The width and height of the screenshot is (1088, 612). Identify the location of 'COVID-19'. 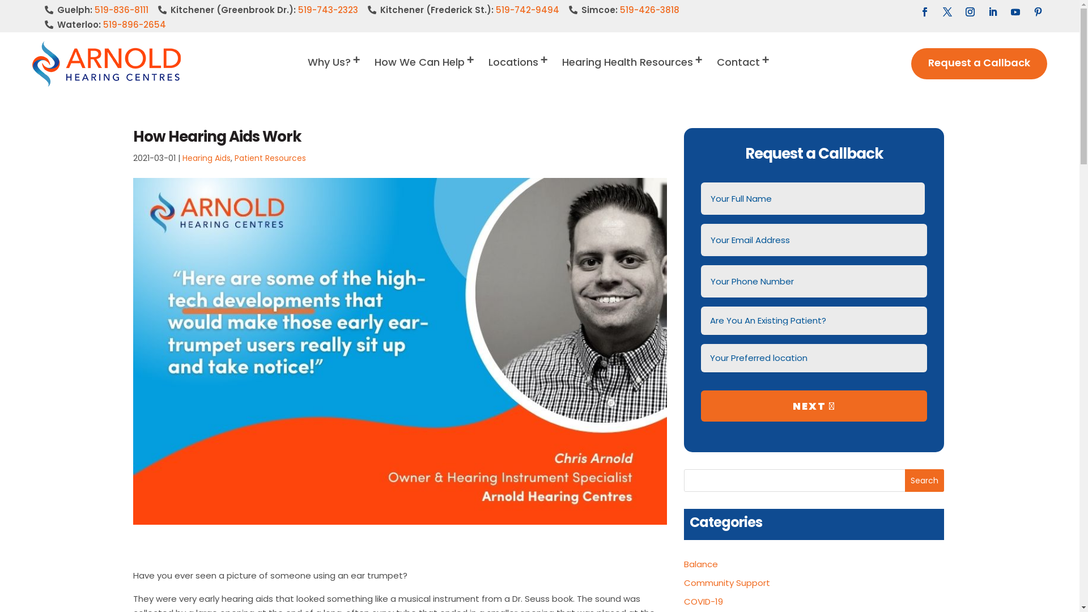
(703, 601).